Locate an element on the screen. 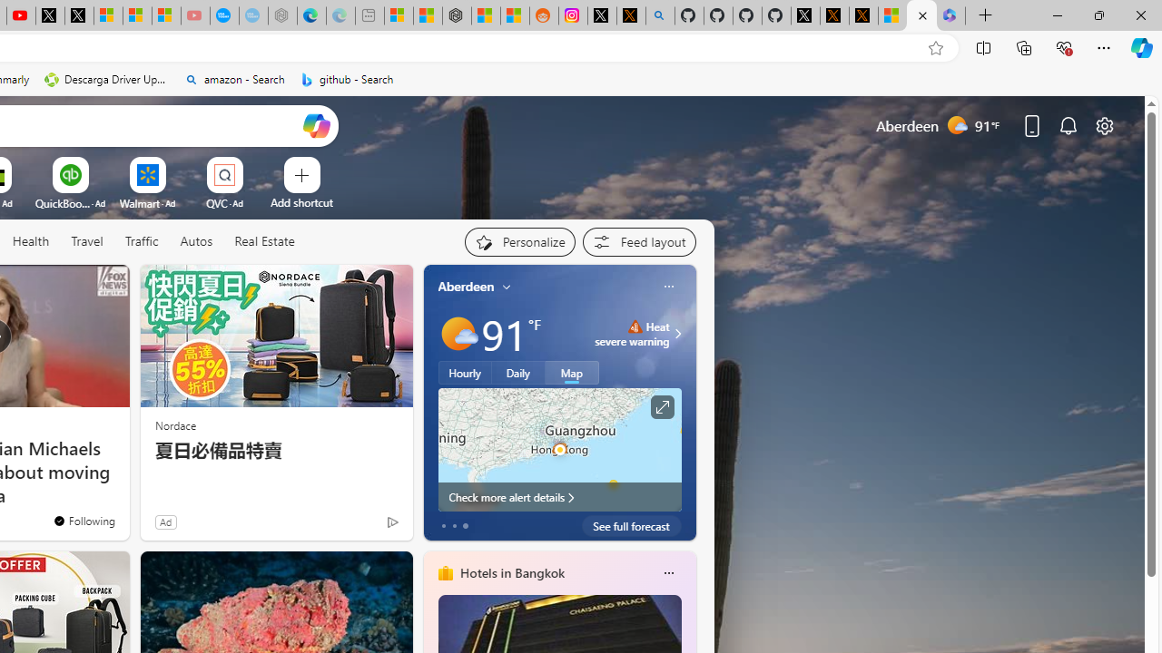 The image size is (1162, 653). 'Traffic' is located at coordinates (141, 241).